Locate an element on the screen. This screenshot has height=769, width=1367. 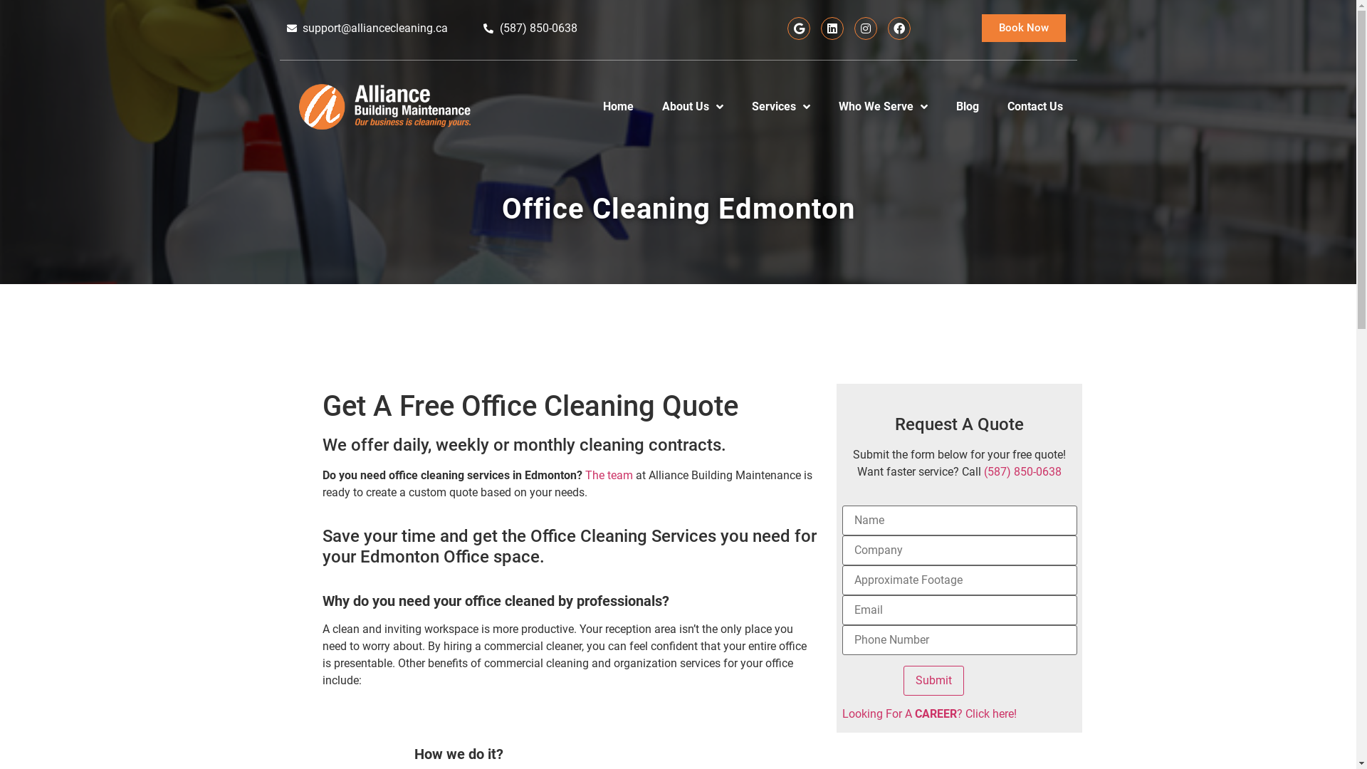
'Services' is located at coordinates (780, 107).